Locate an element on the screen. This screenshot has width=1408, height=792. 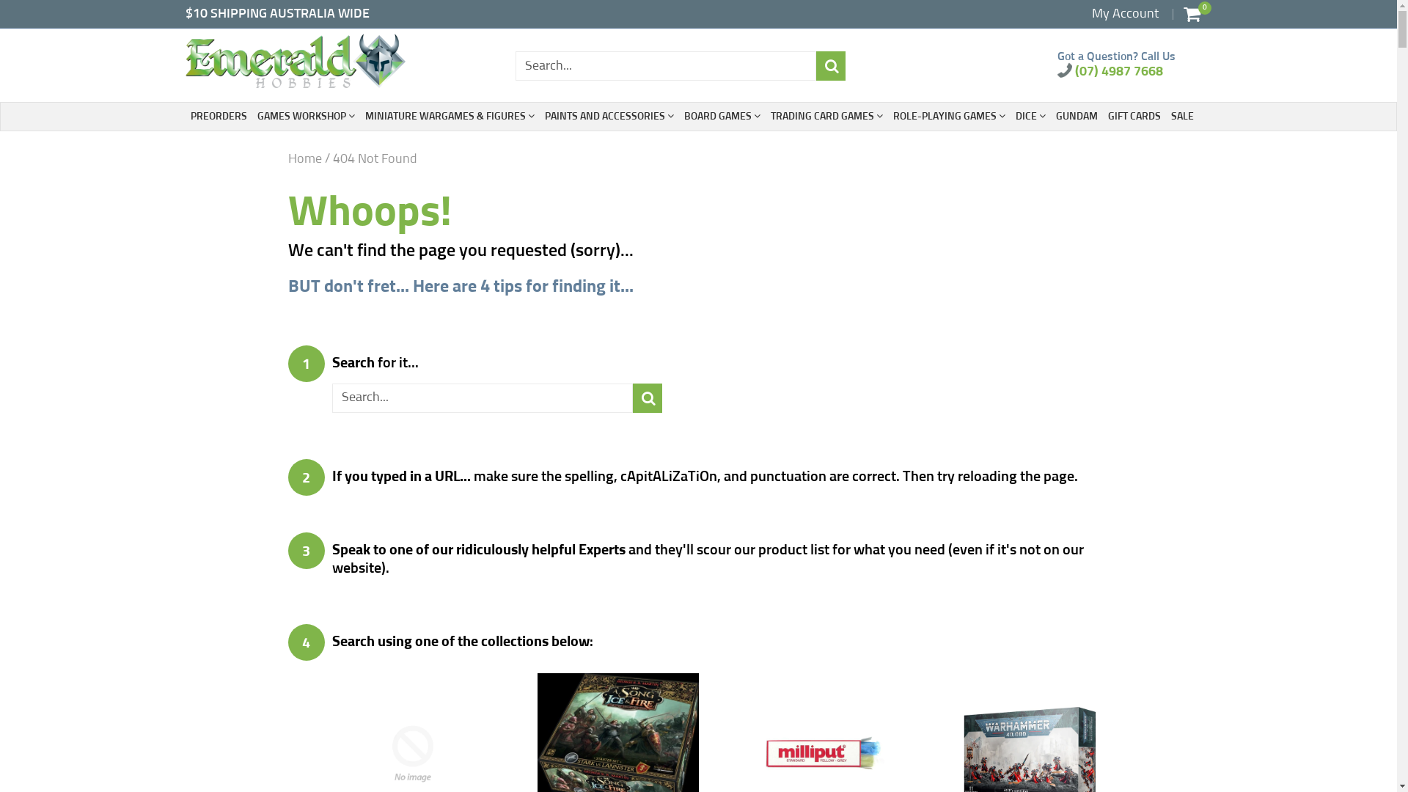
'Home' is located at coordinates (303, 158).